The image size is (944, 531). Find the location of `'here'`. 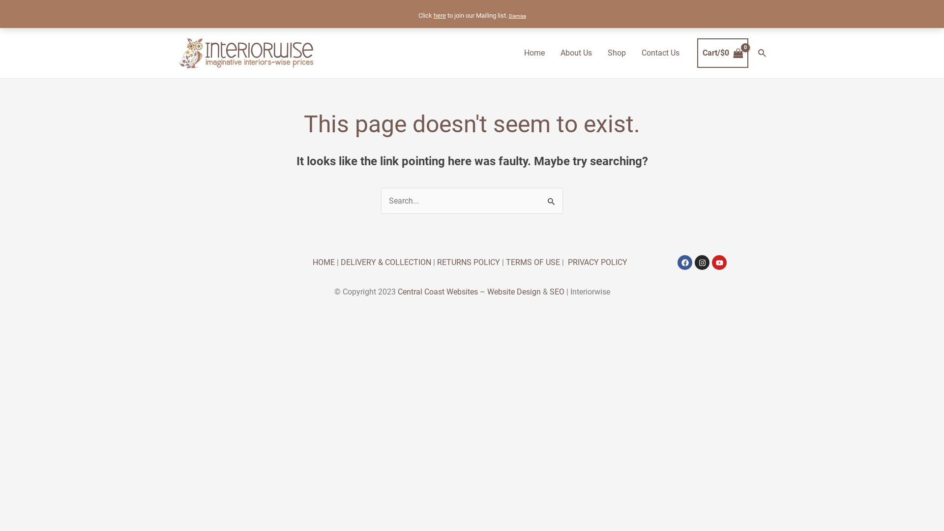

'here' is located at coordinates (439, 15).